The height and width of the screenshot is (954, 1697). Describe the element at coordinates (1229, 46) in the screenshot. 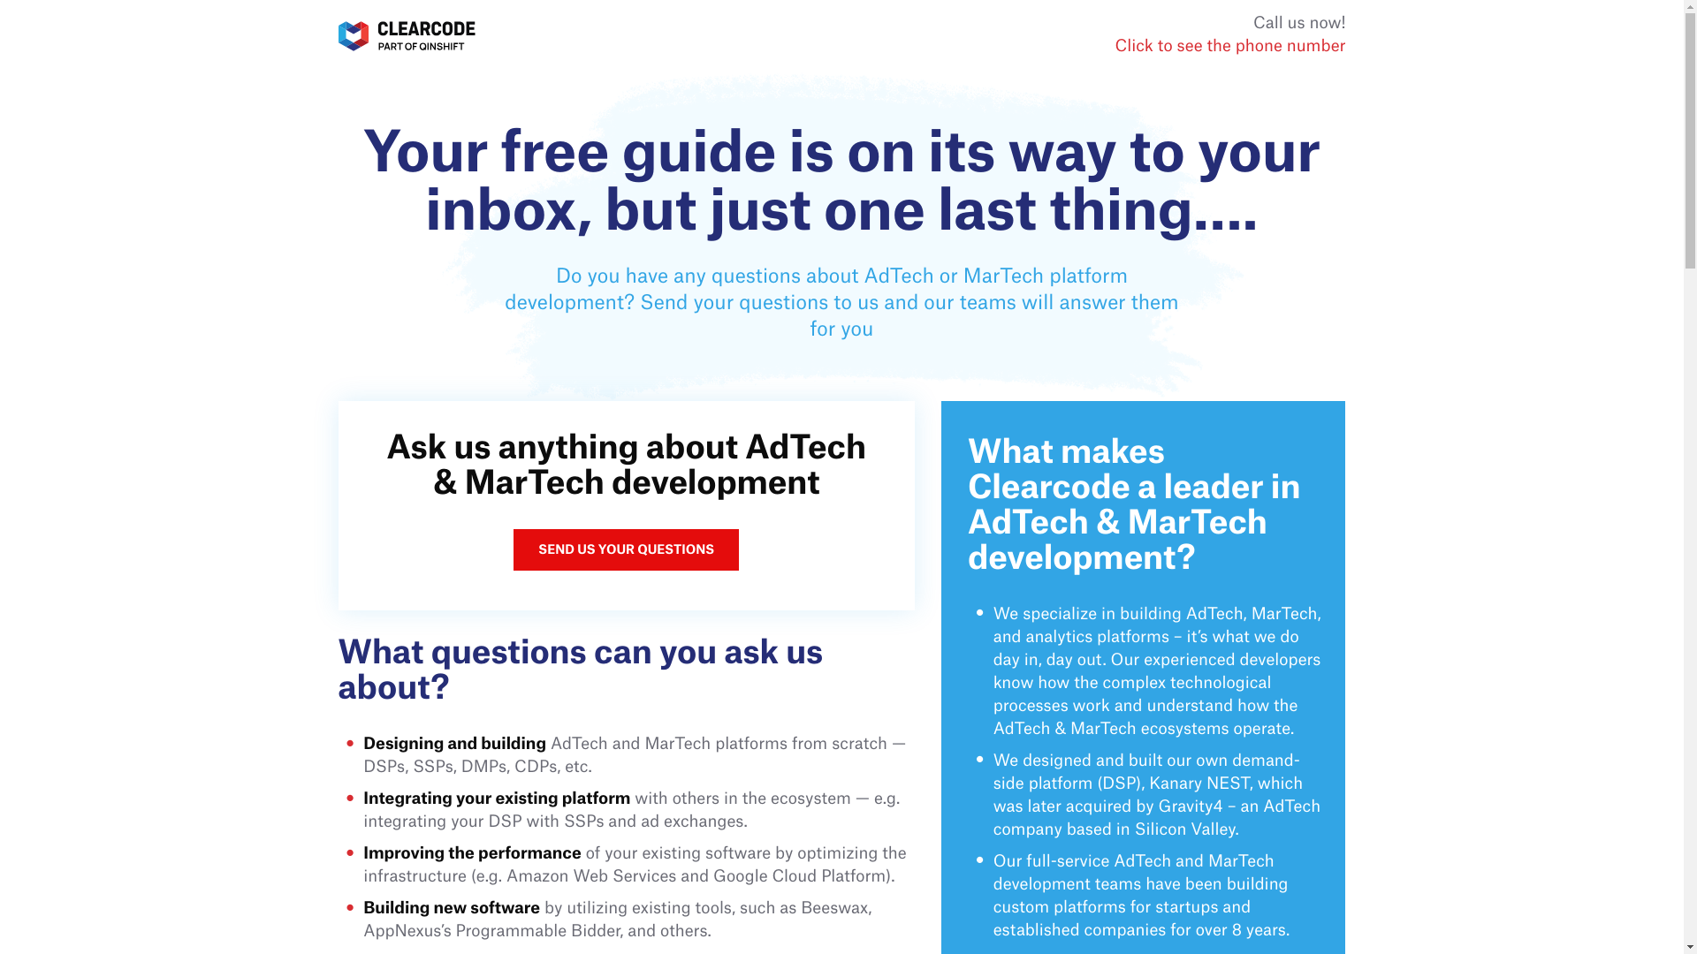

I see `'Click to see the phone number'` at that location.